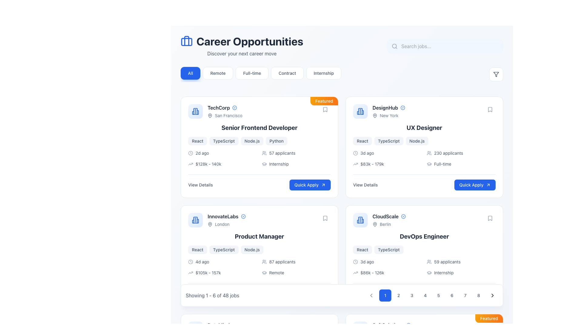 This screenshot has width=582, height=327. What do you see at coordinates (375, 224) in the screenshot?
I see `the pin-shaped icon located next to the 'Berlin' location label in the CloudScale job listing card` at bounding box center [375, 224].